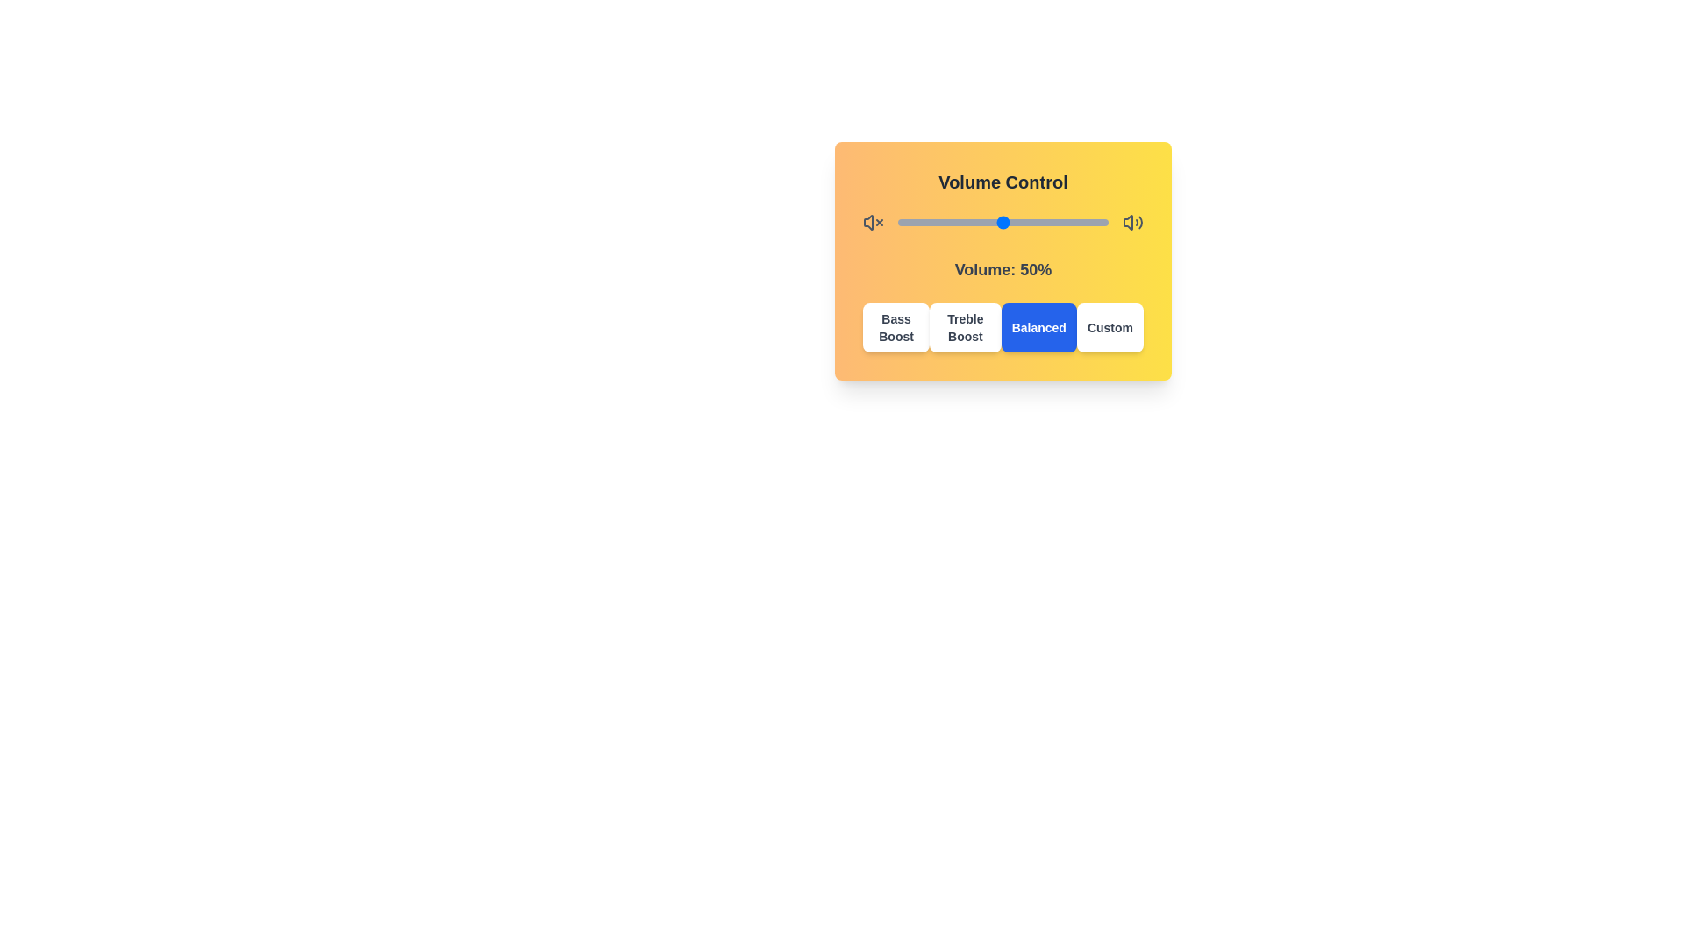 This screenshot has width=1684, height=947. Describe the element at coordinates (1003, 182) in the screenshot. I see `the title text 'Volume Control' to view it` at that location.